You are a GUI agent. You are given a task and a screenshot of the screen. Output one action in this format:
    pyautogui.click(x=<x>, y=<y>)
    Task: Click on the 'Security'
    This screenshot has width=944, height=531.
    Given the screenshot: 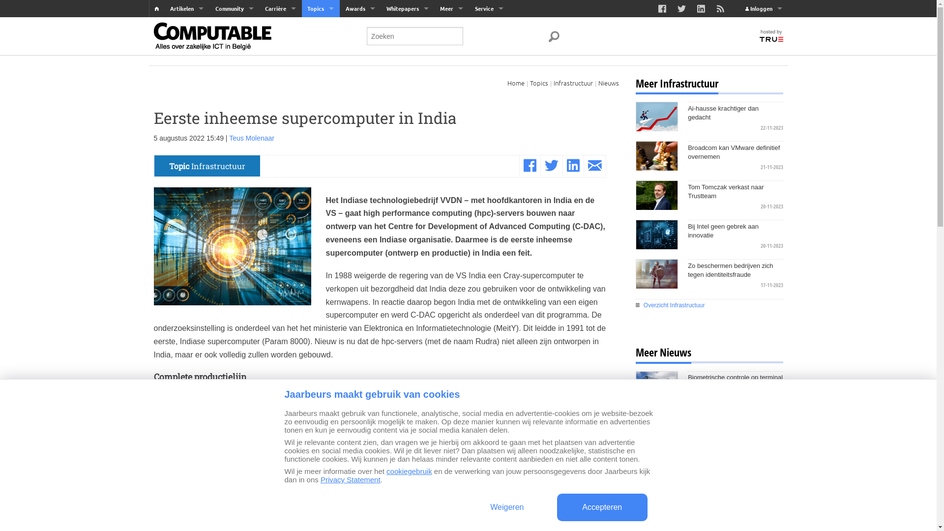 What is the action you would take?
    pyautogui.click(x=321, y=61)
    